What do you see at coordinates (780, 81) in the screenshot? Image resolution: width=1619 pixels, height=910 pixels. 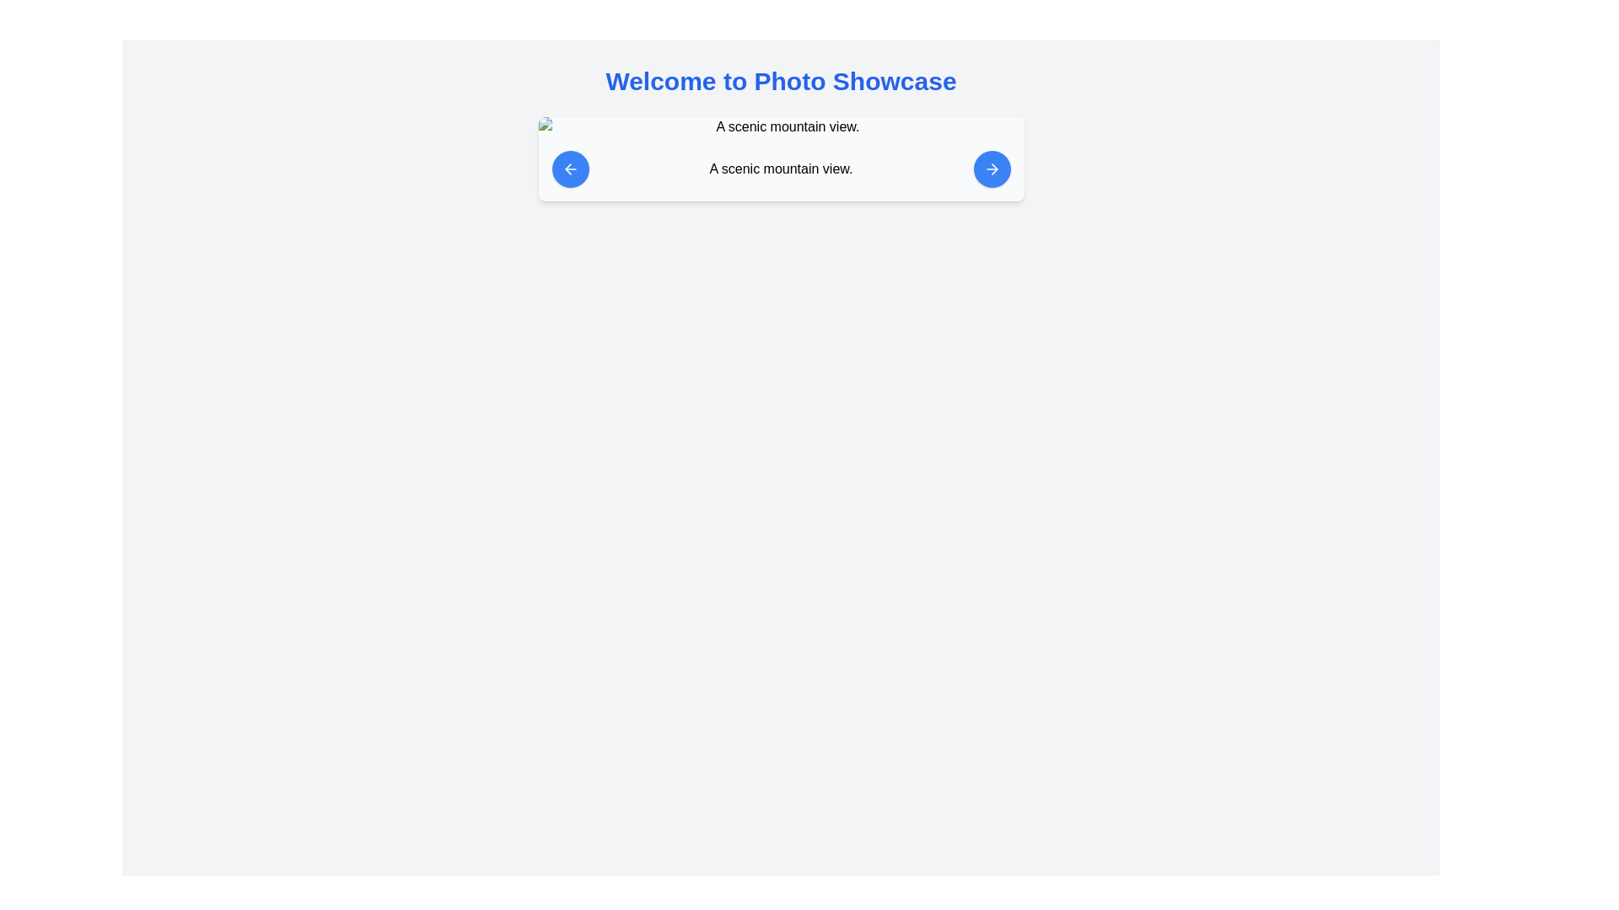 I see `the bold, large-sized header with blue text reading 'Welcome to Photo Showcase', which is positioned at the top center of the interface` at bounding box center [780, 81].